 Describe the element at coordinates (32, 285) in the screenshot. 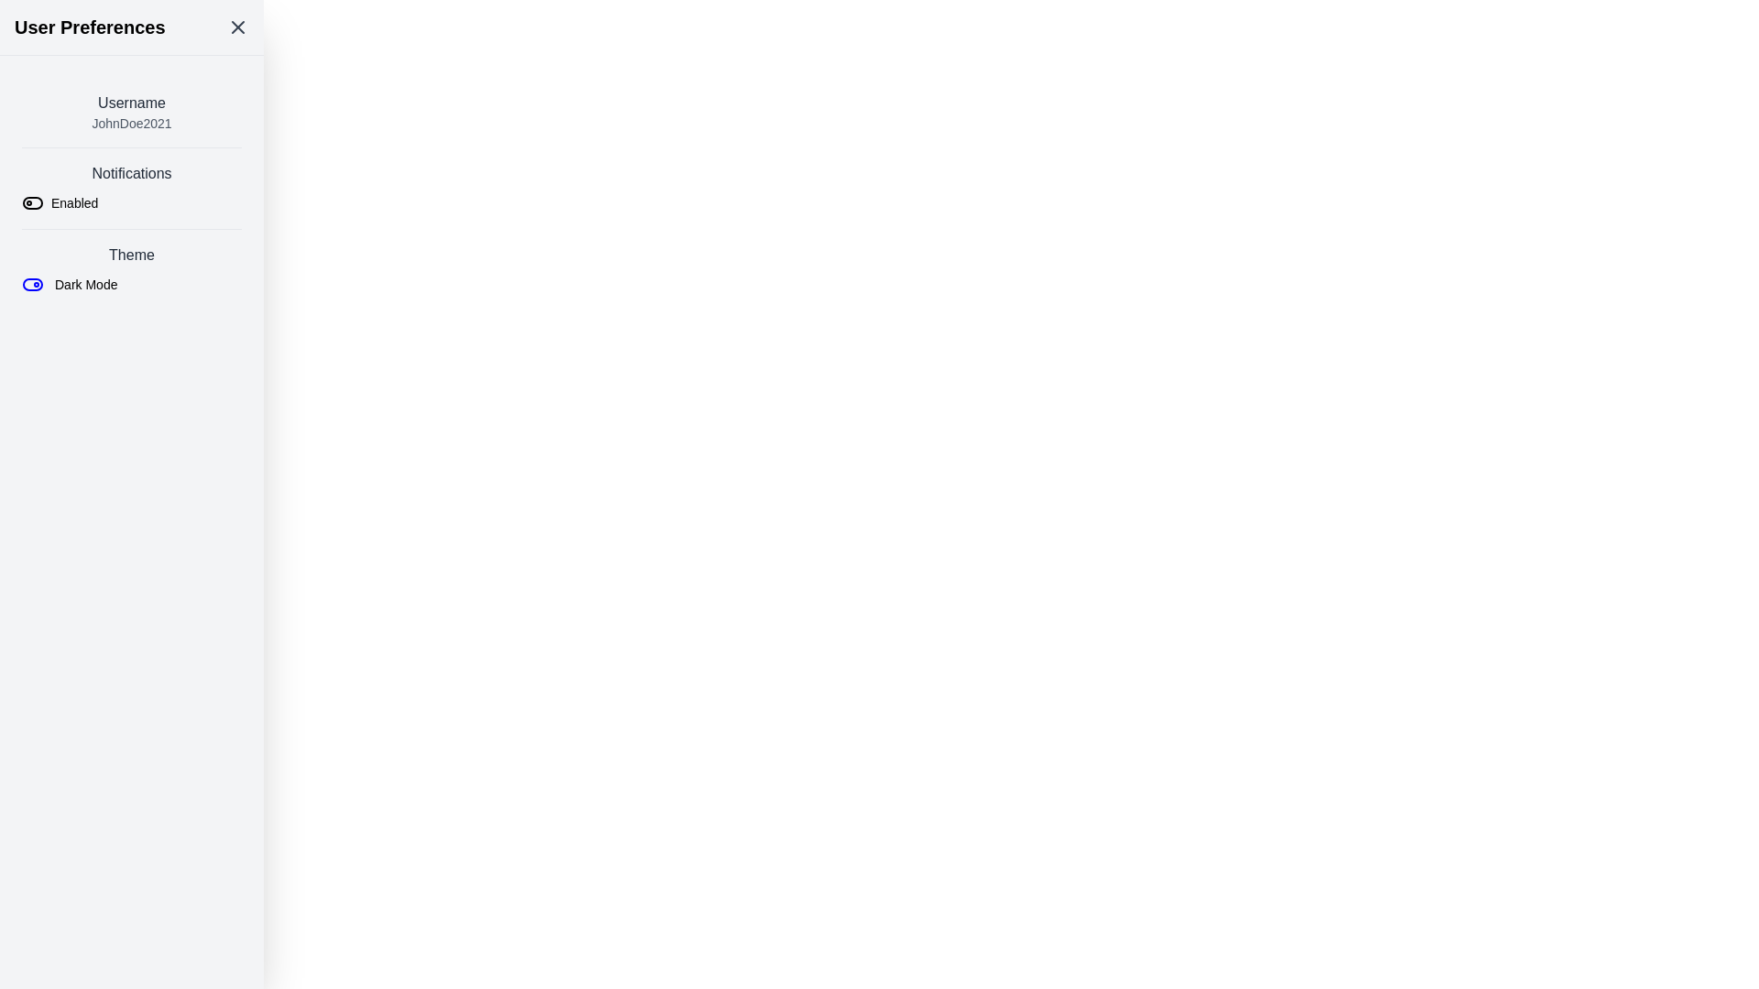

I see `the toggle switch background in the 'Theme' section under 'Dark Mode'` at that location.